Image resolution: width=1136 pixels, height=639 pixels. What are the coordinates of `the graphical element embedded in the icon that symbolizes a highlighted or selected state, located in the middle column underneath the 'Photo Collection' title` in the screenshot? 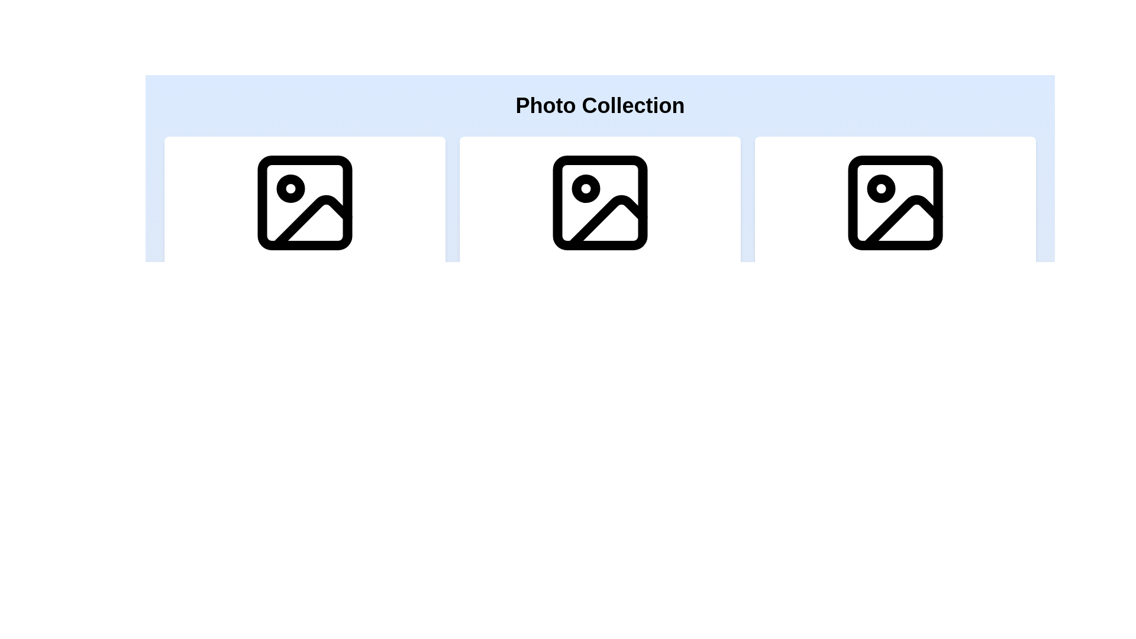 It's located at (600, 202).